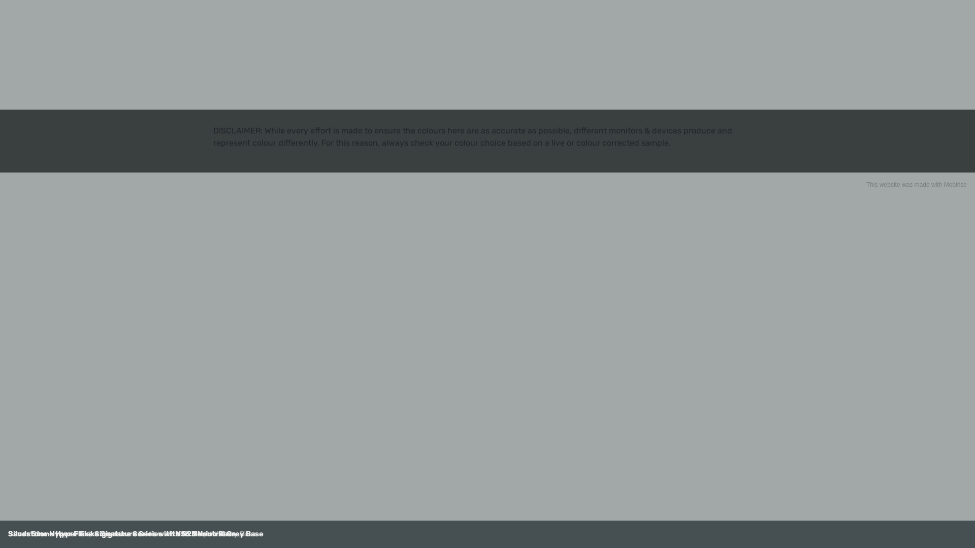  What do you see at coordinates (871, 184) in the screenshot?
I see `'This'` at bounding box center [871, 184].